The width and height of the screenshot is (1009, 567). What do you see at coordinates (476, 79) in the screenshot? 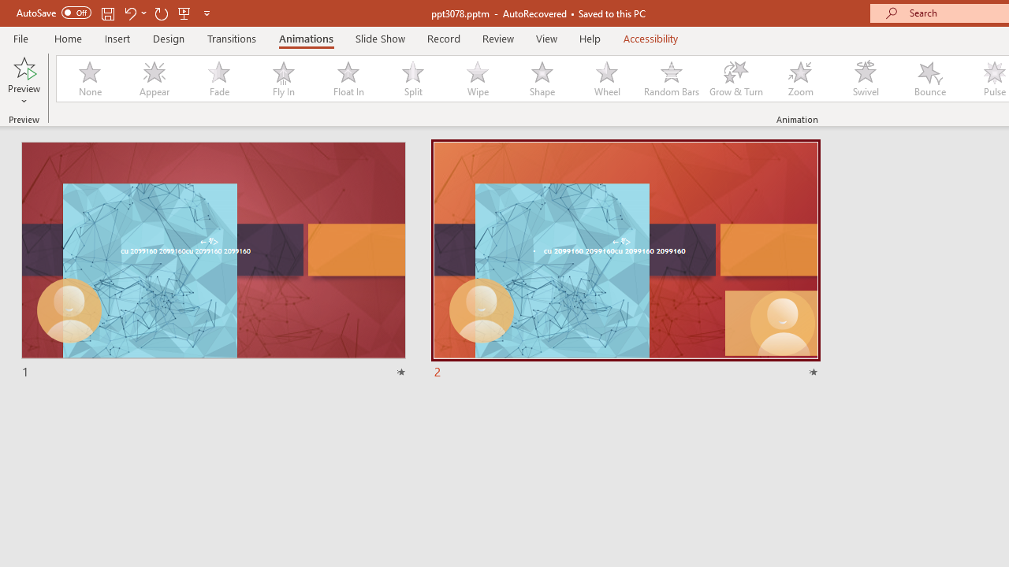
I see `'Wipe'` at bounding box center [476, 79].